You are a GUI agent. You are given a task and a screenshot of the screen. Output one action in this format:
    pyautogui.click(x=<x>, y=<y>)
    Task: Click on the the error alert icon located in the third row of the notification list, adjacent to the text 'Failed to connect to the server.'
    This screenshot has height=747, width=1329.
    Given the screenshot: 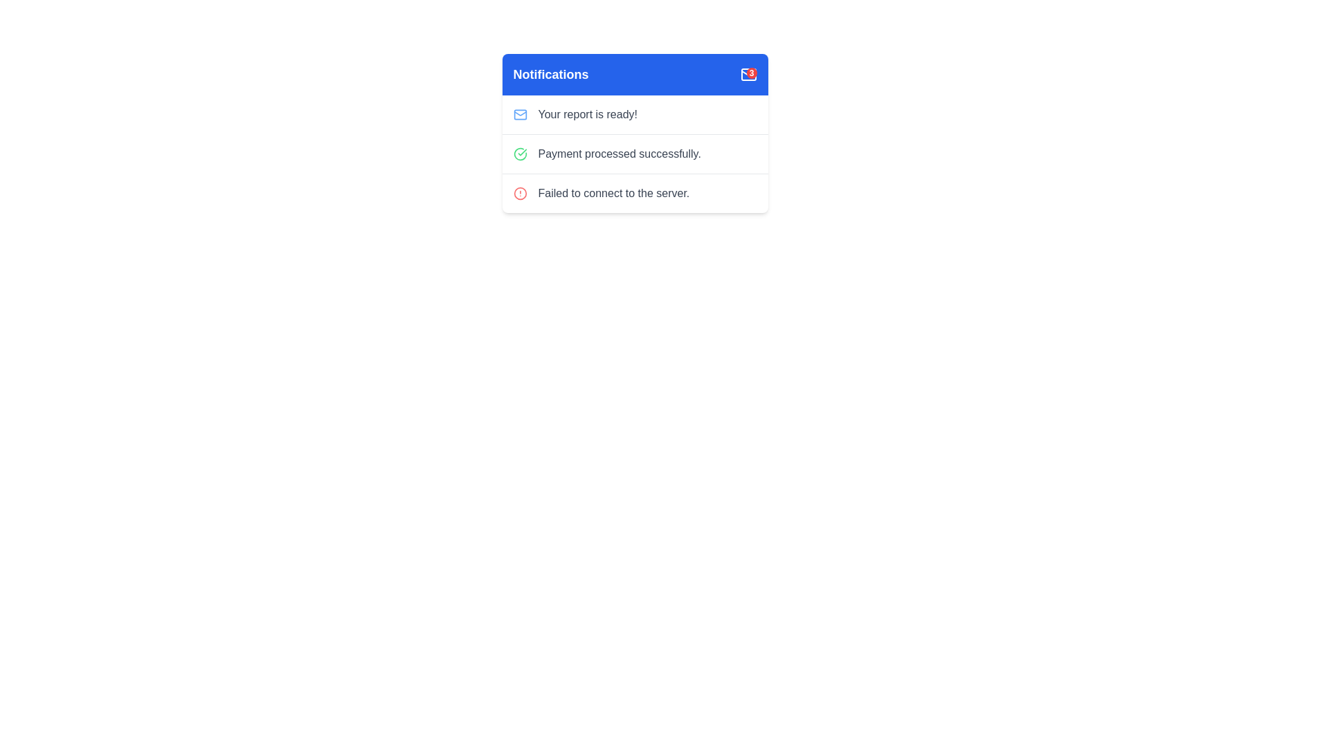 What is the action you would take?
    pyautogui.click(x=519, y=194)
    